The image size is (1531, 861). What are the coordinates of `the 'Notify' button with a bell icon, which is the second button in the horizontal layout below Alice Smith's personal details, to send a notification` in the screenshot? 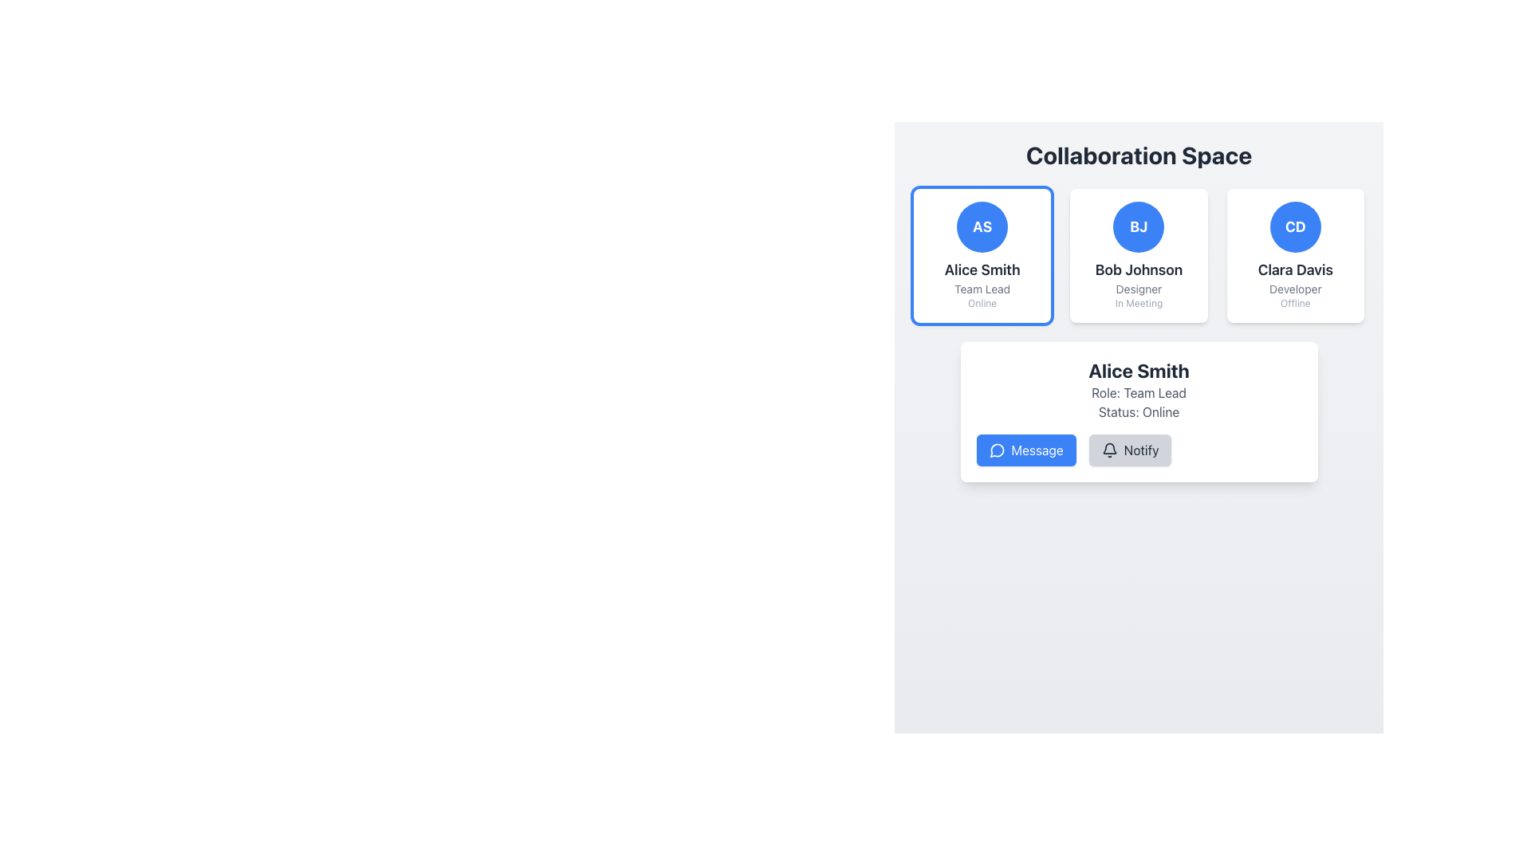 It's located at (1128, 450).